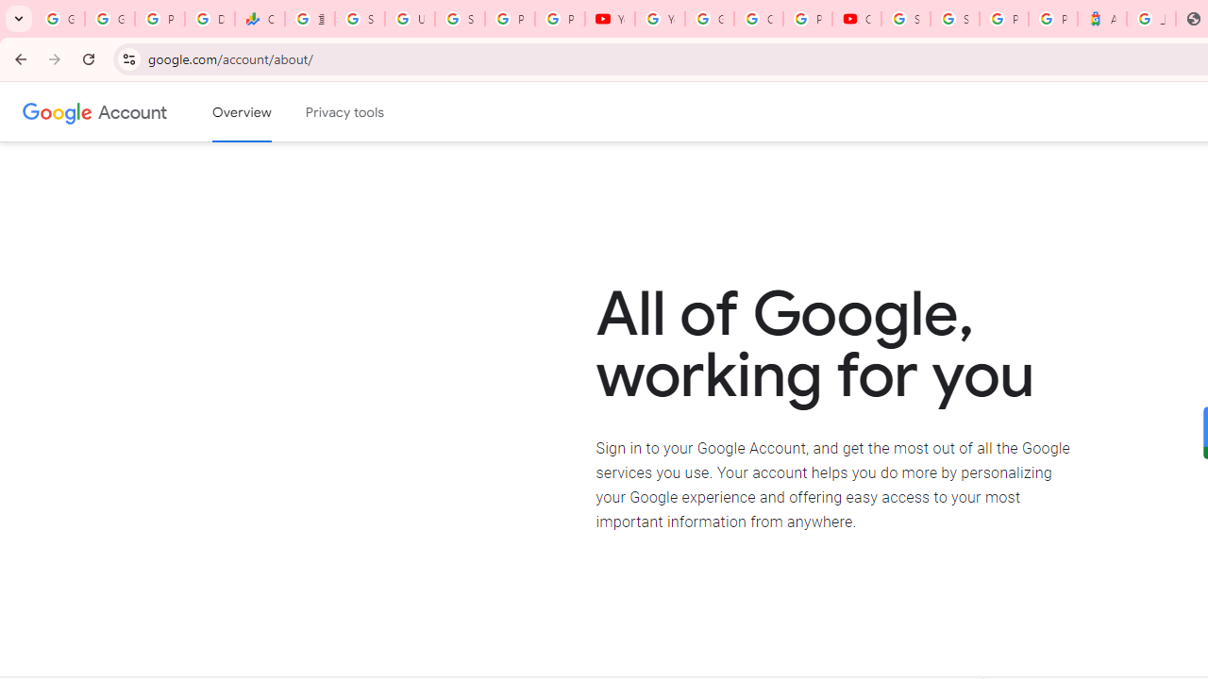 This screenshot has height=679, width=1208. What do you see at coordinates (55, 58) in the screenshot?
I see `'Forward'` at bounding box center [55, 58].